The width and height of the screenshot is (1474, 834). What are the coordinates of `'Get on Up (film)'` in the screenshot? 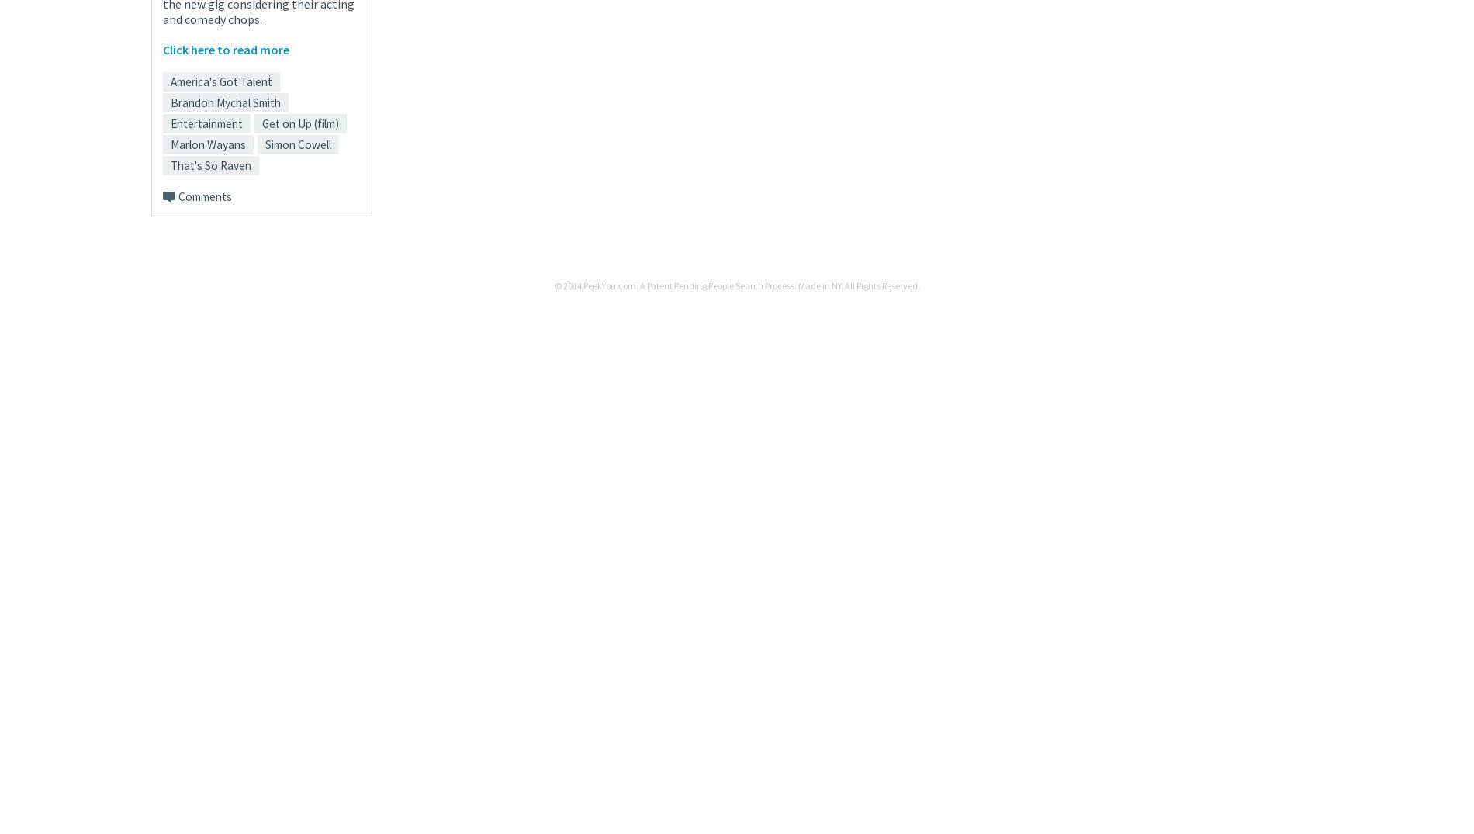 It's located at (261, 123).